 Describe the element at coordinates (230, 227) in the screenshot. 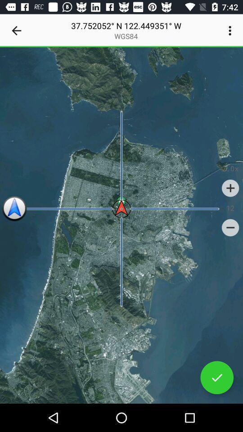

I see `item below the 12 item` at that location.